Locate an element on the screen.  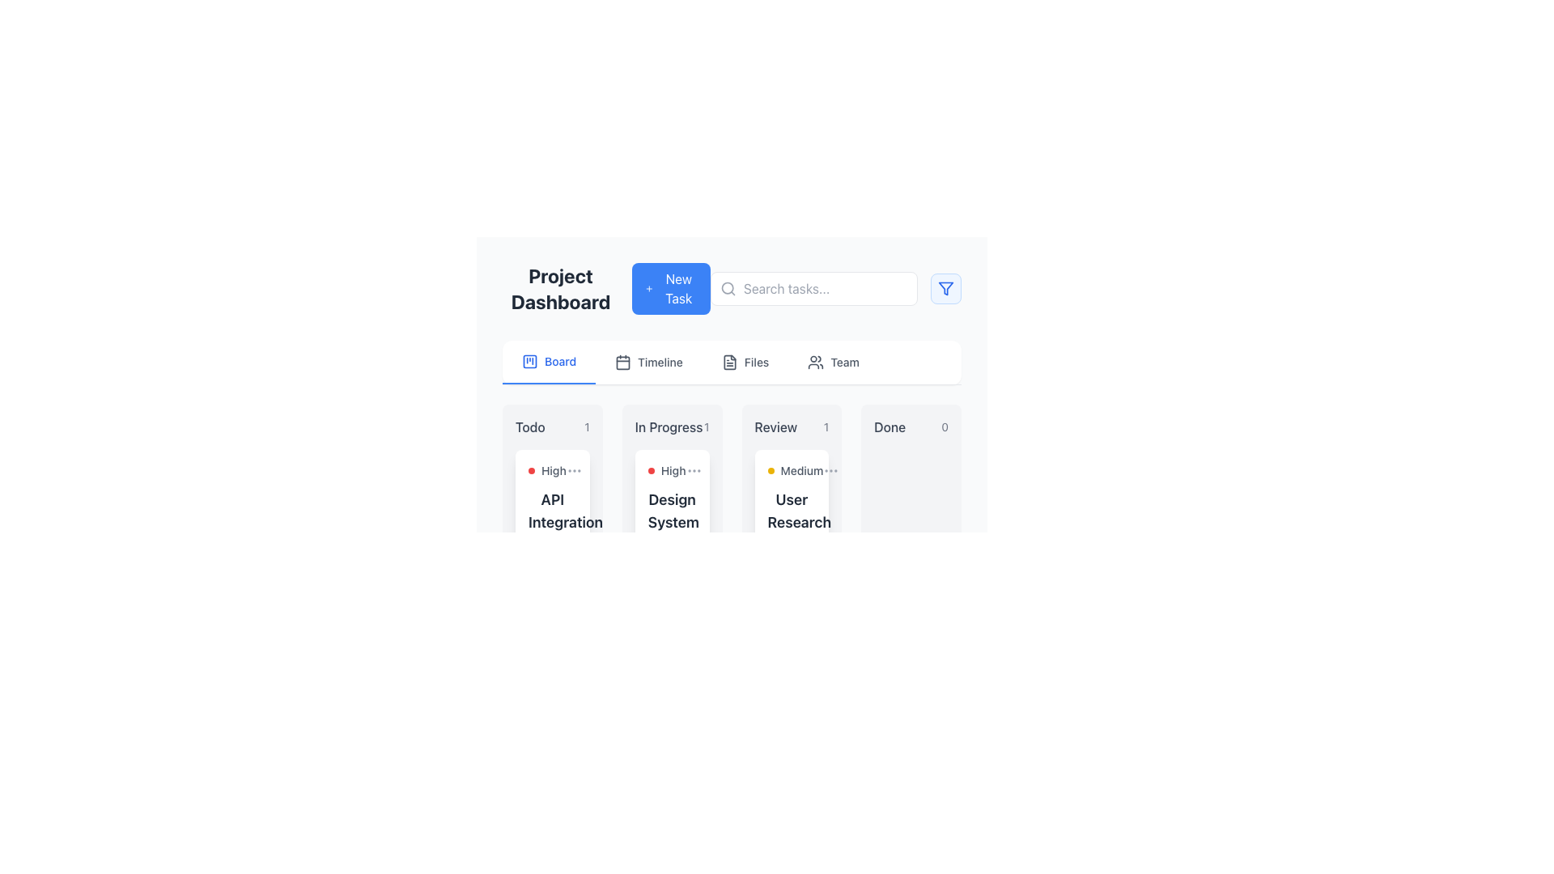
text content of the blue text label displaying 'Board', which is part of the navigation bar and is positioned to the right of the kanban-style square icon is located at coordinates (560, 361).